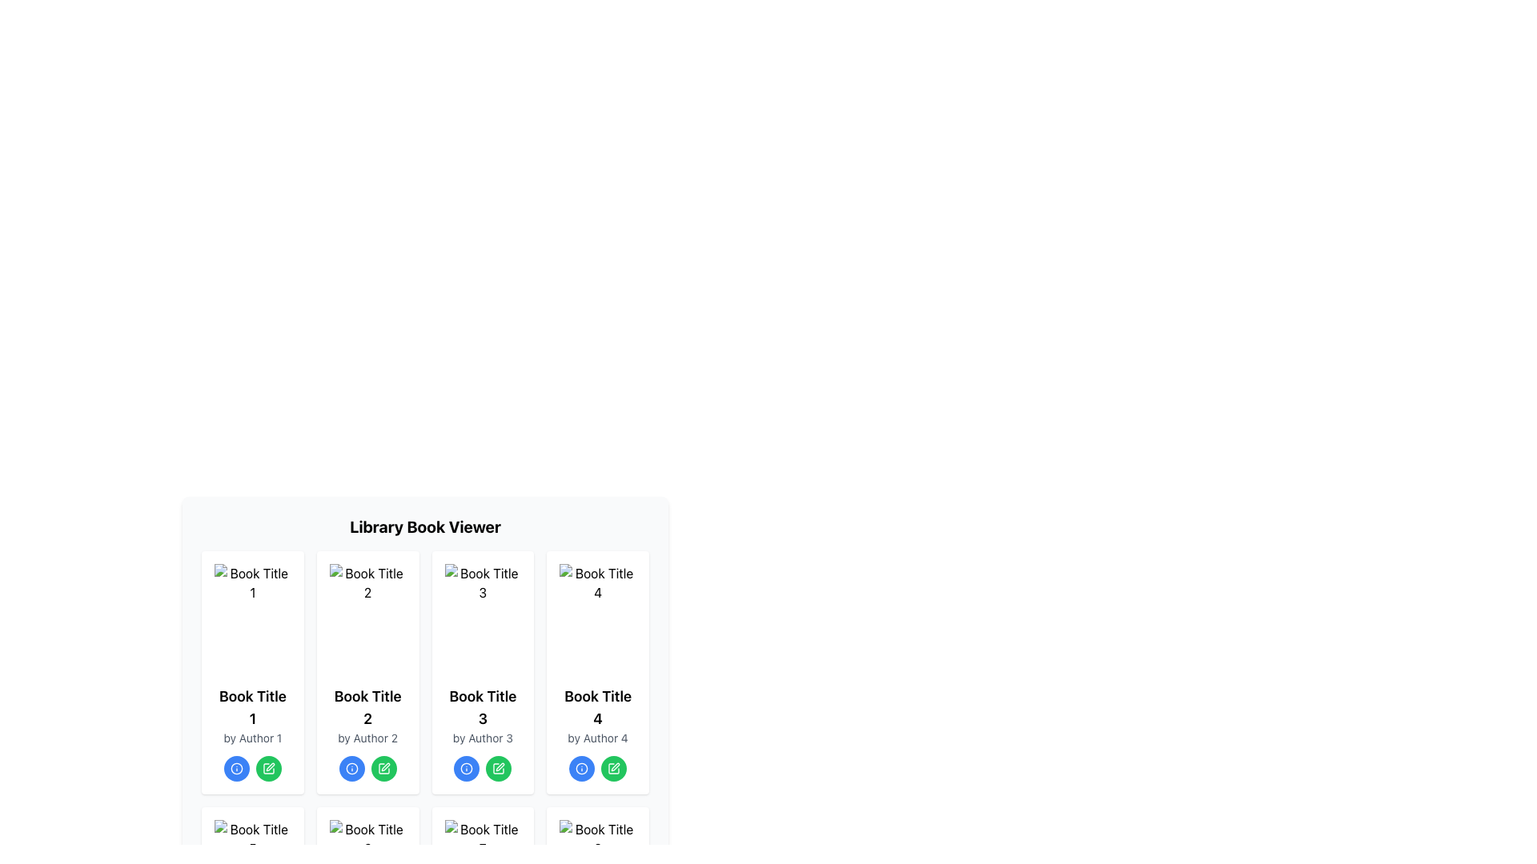  I want to click on the green edit button in the interactive button group located below 'by Author 2' in the card for 'Book Title 2', so click(367, 767).